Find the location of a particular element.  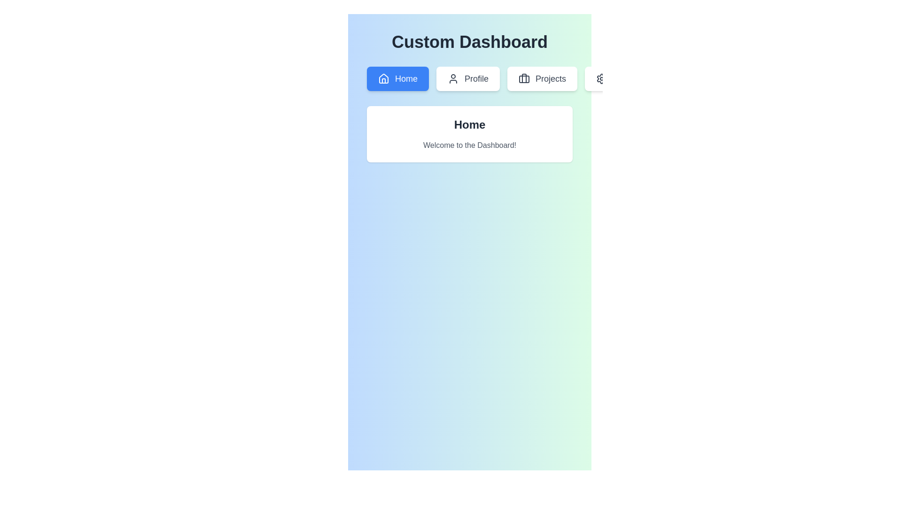

the profile icon, which is a user silhouette in a minimalistic design is located at coordinates (453, 78).